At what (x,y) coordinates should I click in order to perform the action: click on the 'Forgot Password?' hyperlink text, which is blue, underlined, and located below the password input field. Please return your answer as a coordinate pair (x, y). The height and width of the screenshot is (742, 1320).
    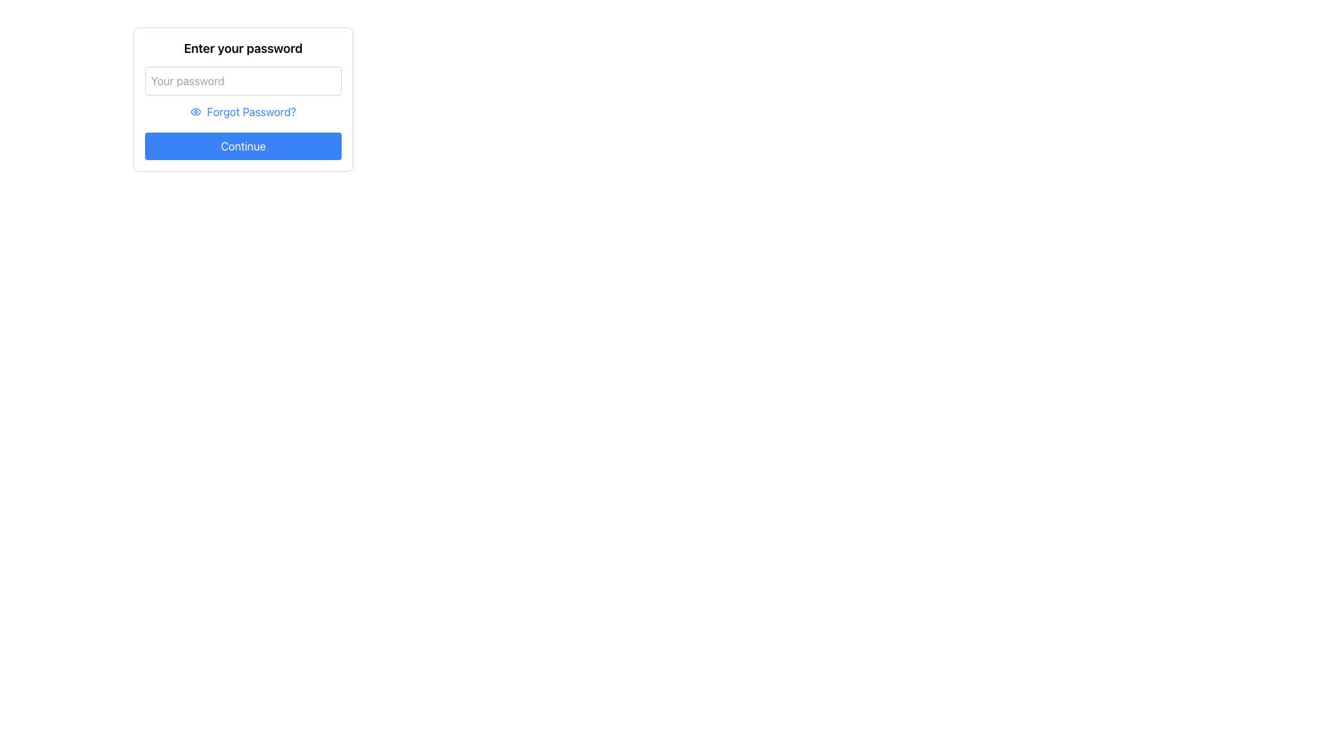
    Looking at the image, I should click on (243, 111).